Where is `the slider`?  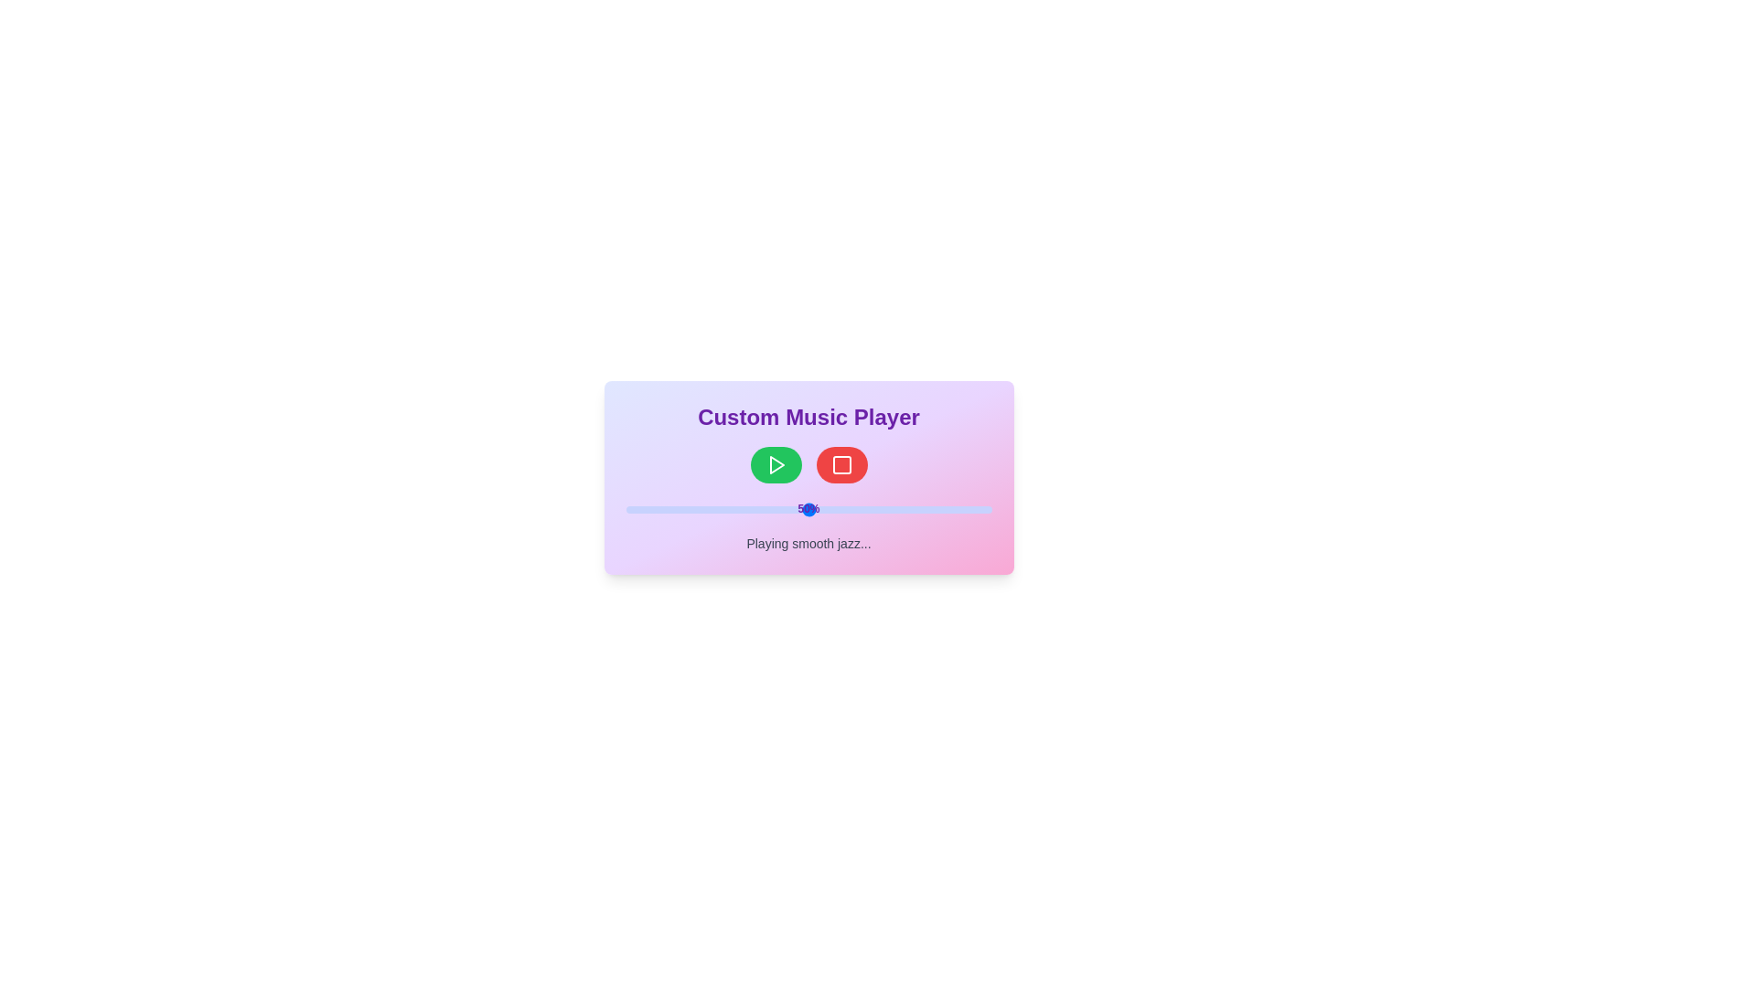
the slider is located at coordinates (918, 510).